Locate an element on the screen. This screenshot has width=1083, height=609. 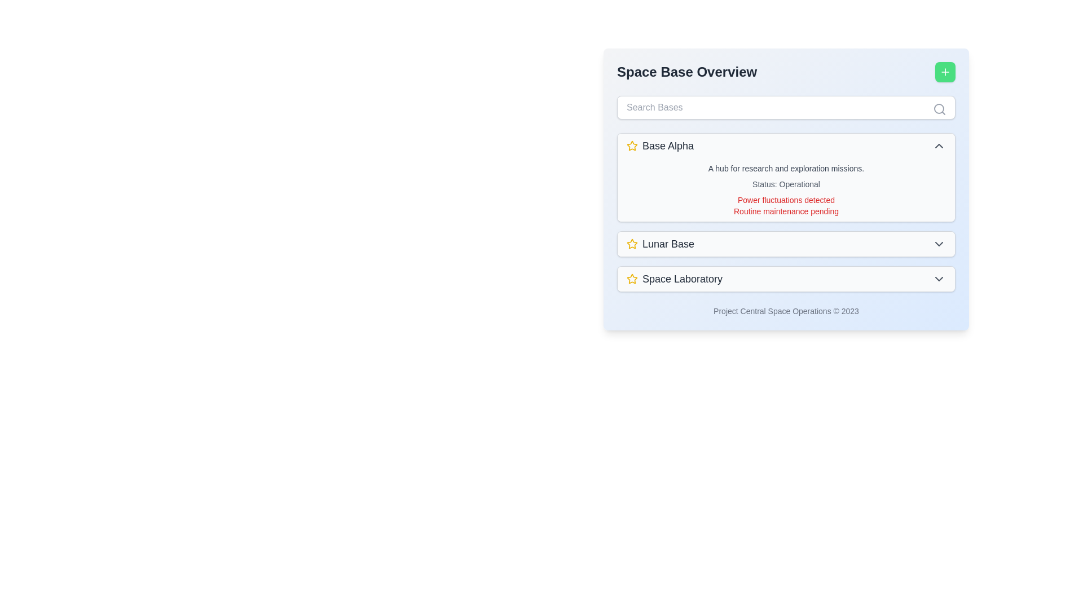
the action button located in the top-right corner of the 'Space Base Overview' panel to prepare for keyboard interaction is located at coordinates (945, 72).